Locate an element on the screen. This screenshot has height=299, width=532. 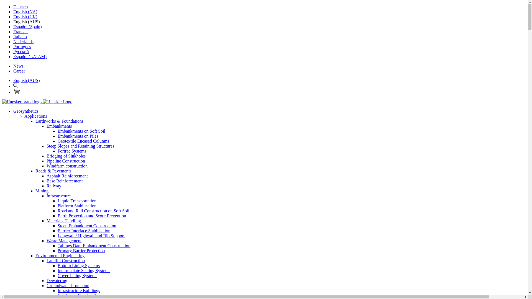
'Pipeline Construction' is located at coordinates (66, 161).